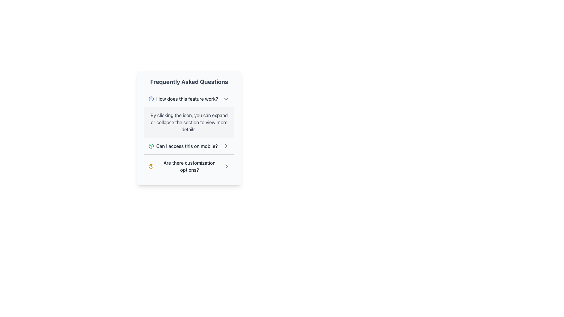 Image resolution: width=564 pixels, height=317 pixels. Describe the element at coordinates (189, 98) in the screenshot. I see `the Collapsible list item header that displays the question 'How does this feature work?' in dark gray font, with a blue question mark icon to the left and a light gray downward chevron icon to the right, located in the FAQ section` at that location.